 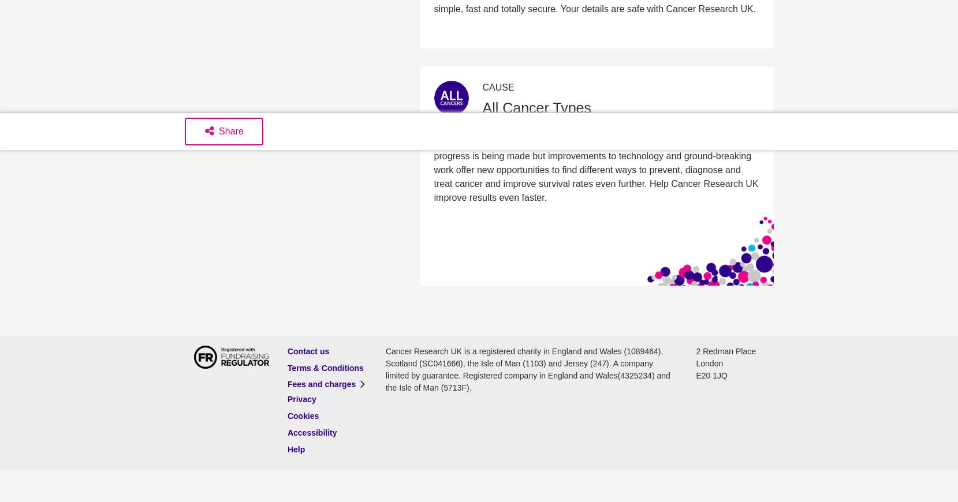 I want to click on 'Cookies', so click(x=302, y=415).